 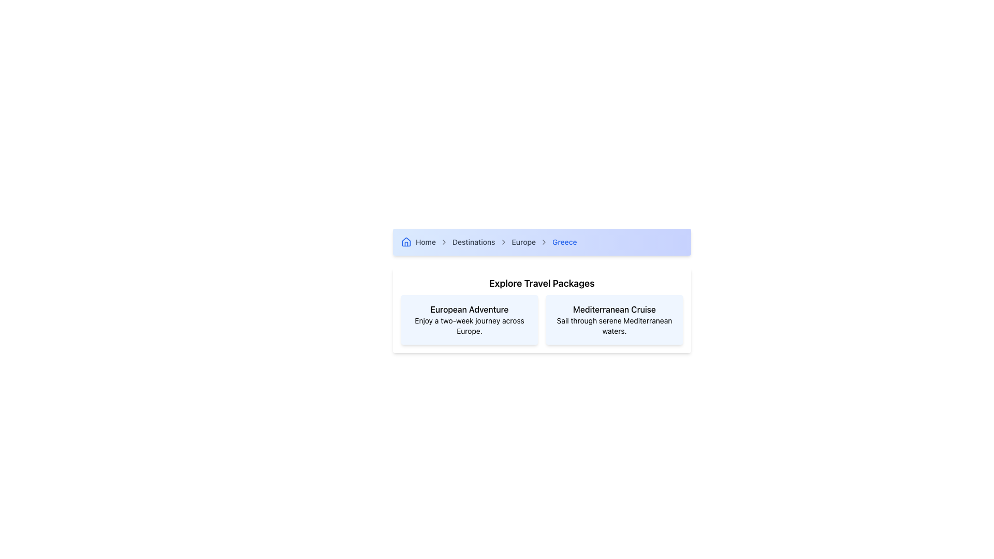 What do you see at coordinates (614, 325) in the screenshot?
I see `the text line that says 'Sail through serene Mediterranean waters.' located beneath the header 'Mediterranean Cruise' in the respective card` at bounding box center [614, 325].